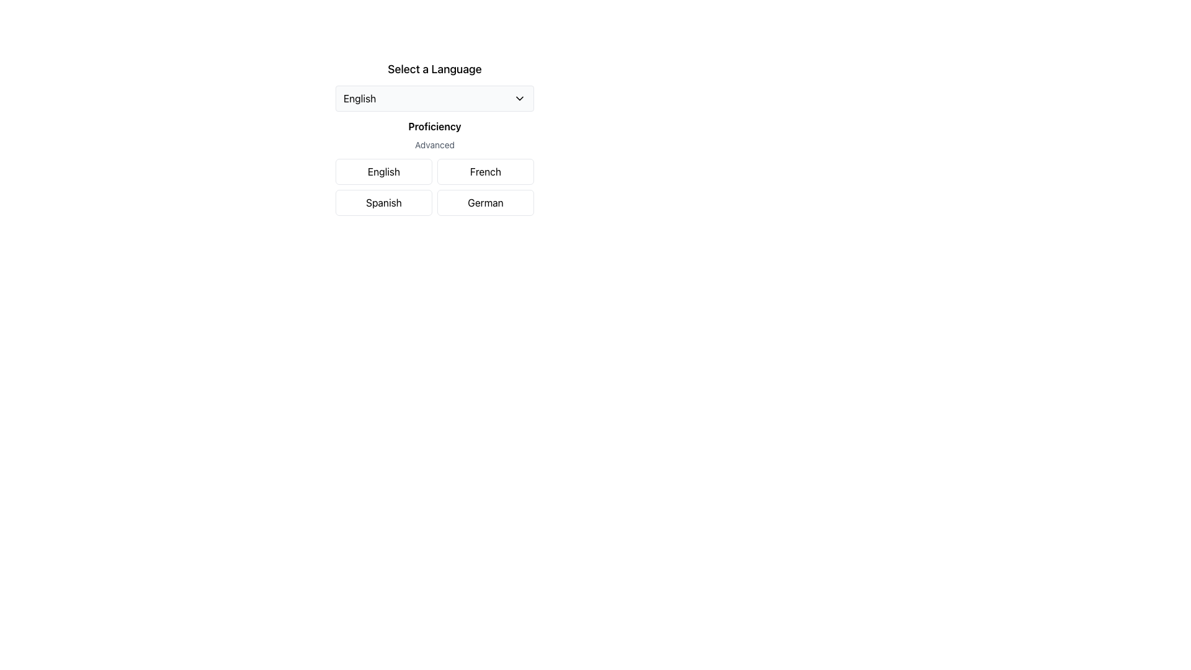  I want to click on the text label displaying 'English' to potentially reveal additional options or a tooltip, so click(359, 97).